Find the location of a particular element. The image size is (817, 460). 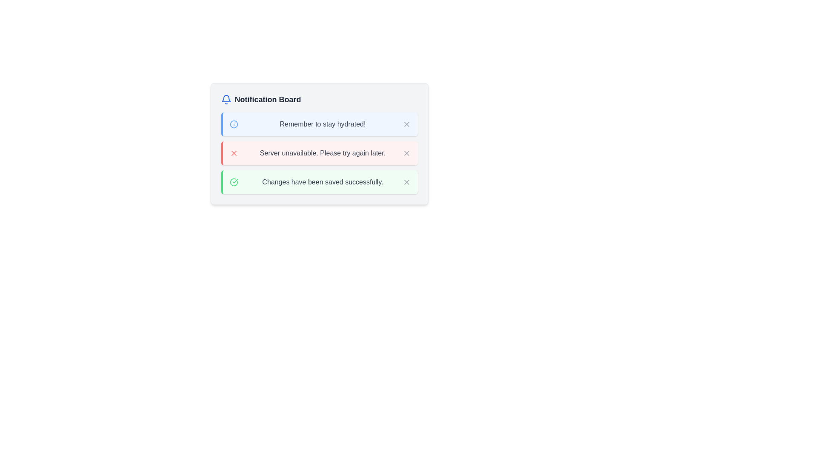

success message from the notification box that has a green left border and contains the text 'Changes have been saved successfully.' is located at coordinates (319, 182).